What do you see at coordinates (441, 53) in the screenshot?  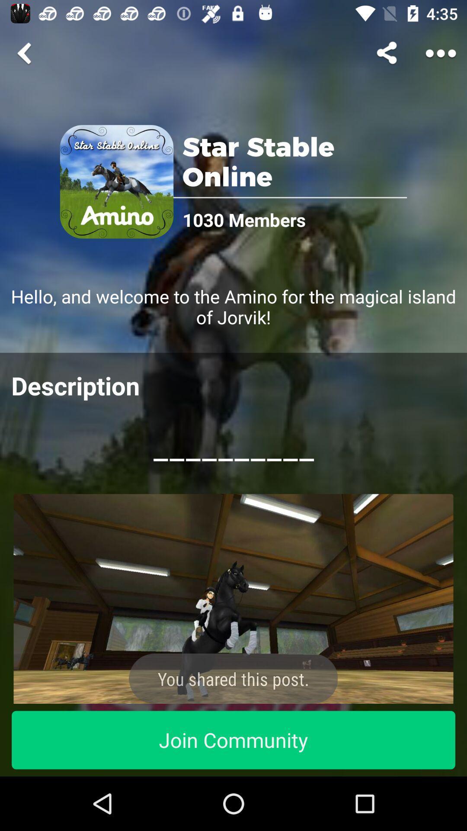 I see `the more icon` at bounding box center [441, 53].